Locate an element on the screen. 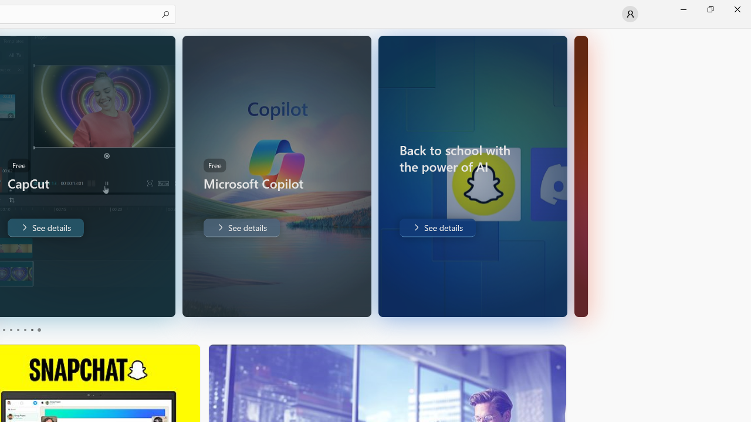 The width and height of the screenshot is (751, 422). 'Minimize Microsoft Store' is located at coordinates (683, 9).